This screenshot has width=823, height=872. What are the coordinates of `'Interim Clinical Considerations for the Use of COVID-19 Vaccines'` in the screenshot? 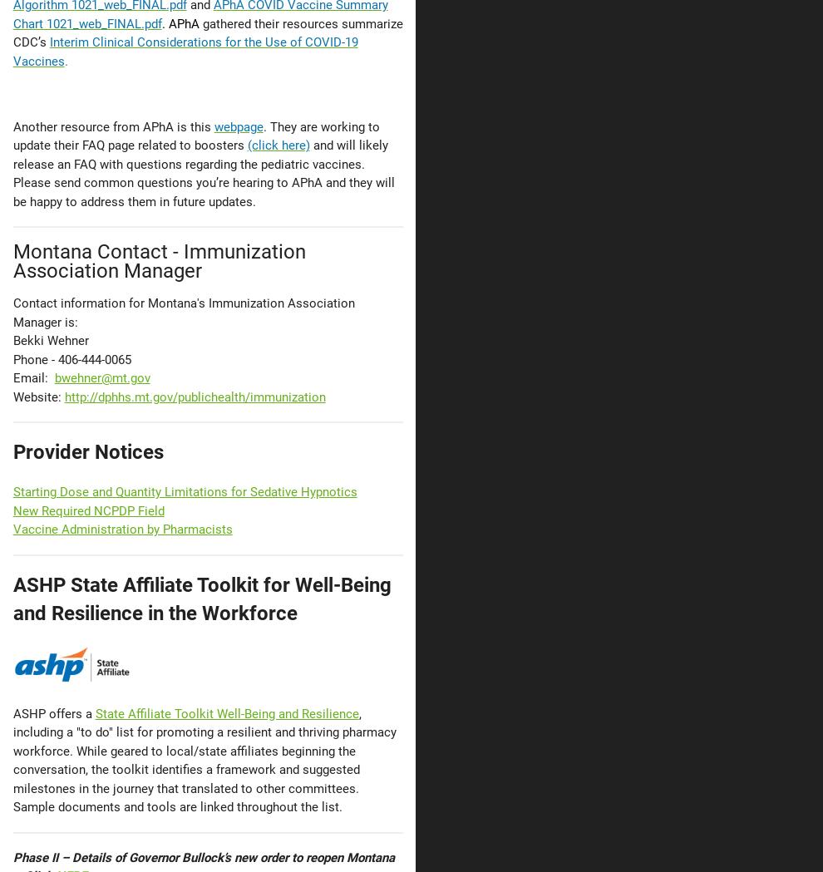 It's located at (184, 51).